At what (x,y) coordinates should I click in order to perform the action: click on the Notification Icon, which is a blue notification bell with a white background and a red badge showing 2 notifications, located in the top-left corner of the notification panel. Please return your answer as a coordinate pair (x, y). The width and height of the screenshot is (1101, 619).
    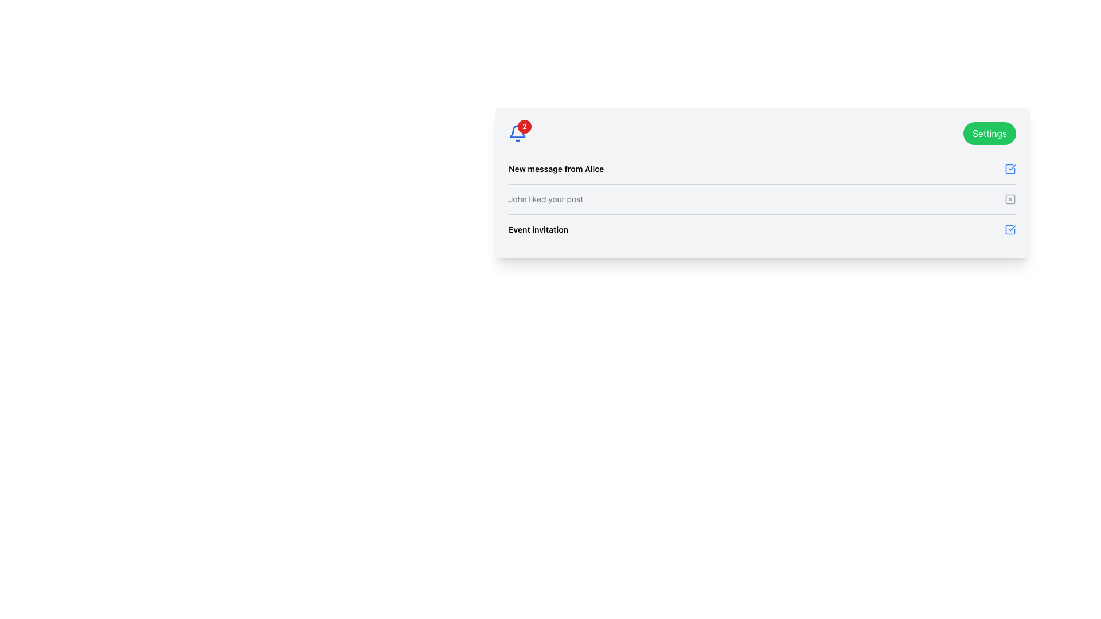
    Looking at the image, I should click on (517, 132).